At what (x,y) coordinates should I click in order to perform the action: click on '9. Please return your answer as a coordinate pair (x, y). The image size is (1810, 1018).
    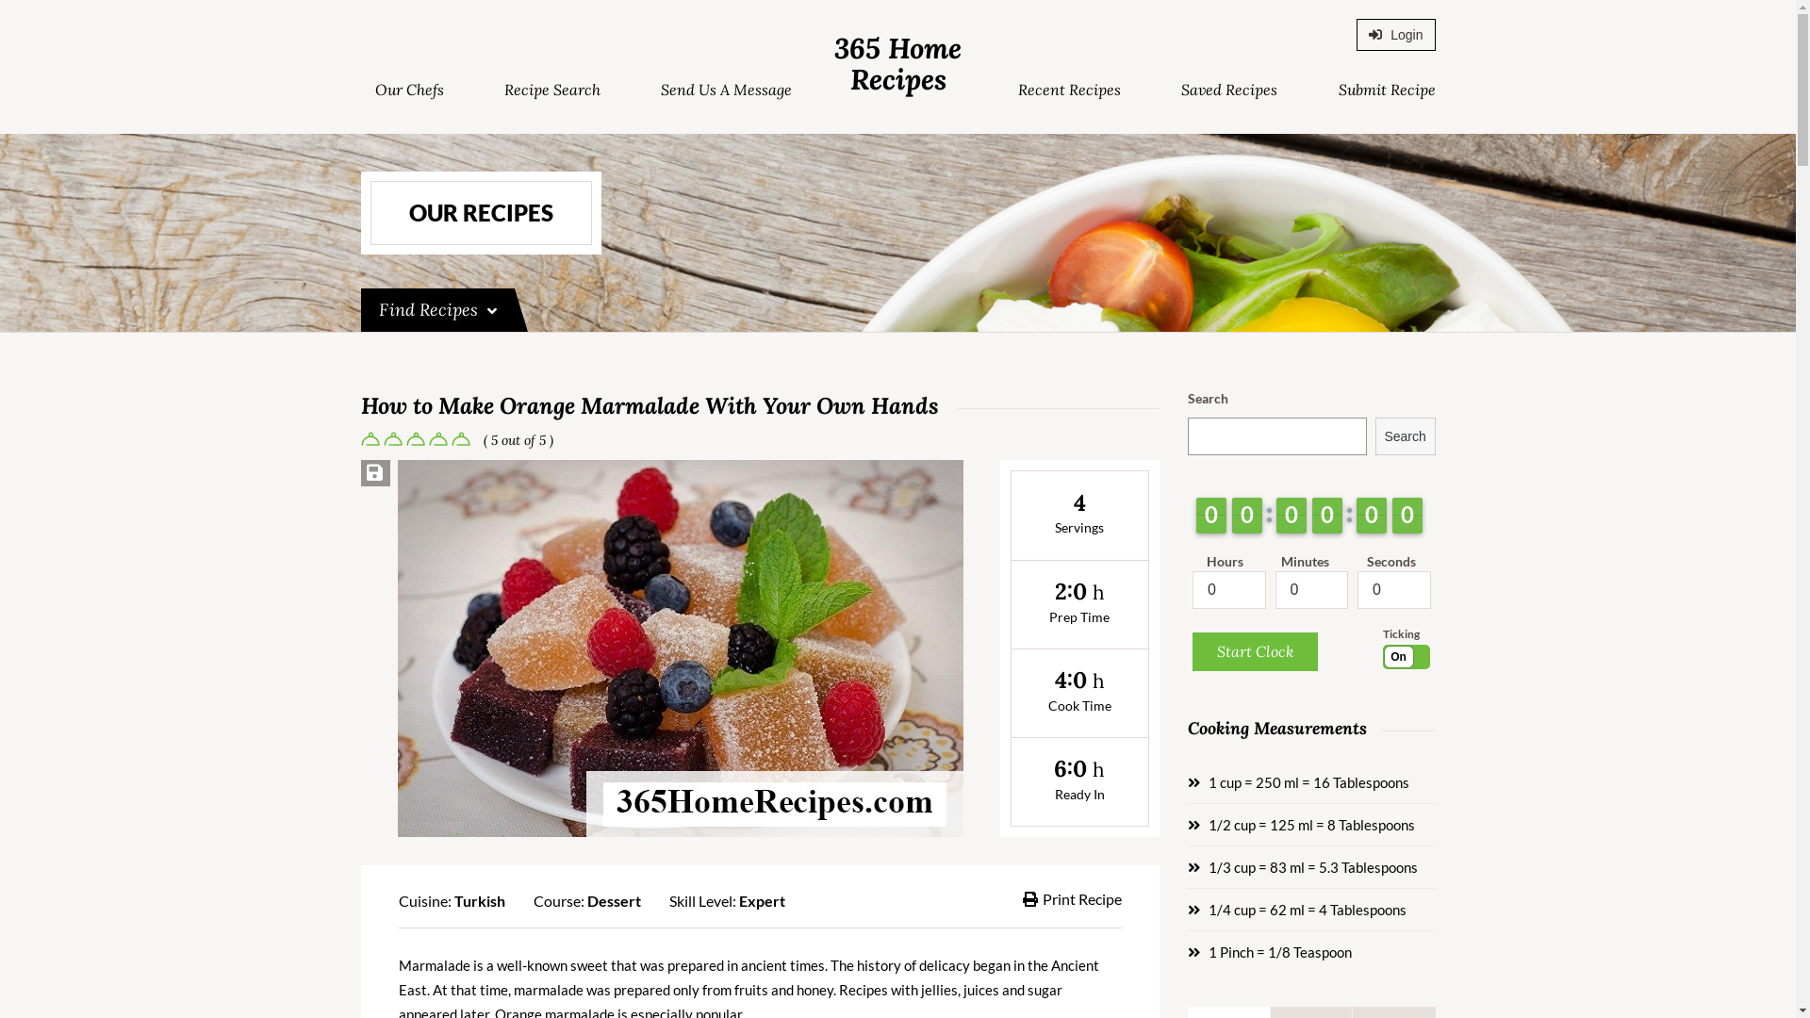
    Looking at the image, I should click on (1290, 516).